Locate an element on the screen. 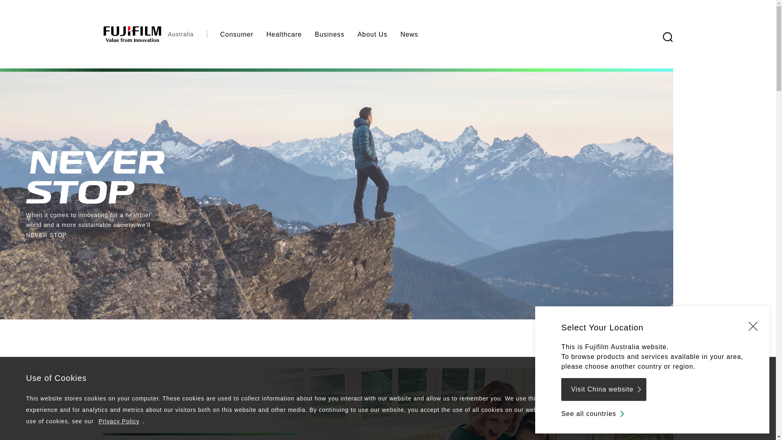  'About Us' is located at coordinates (351, 34).